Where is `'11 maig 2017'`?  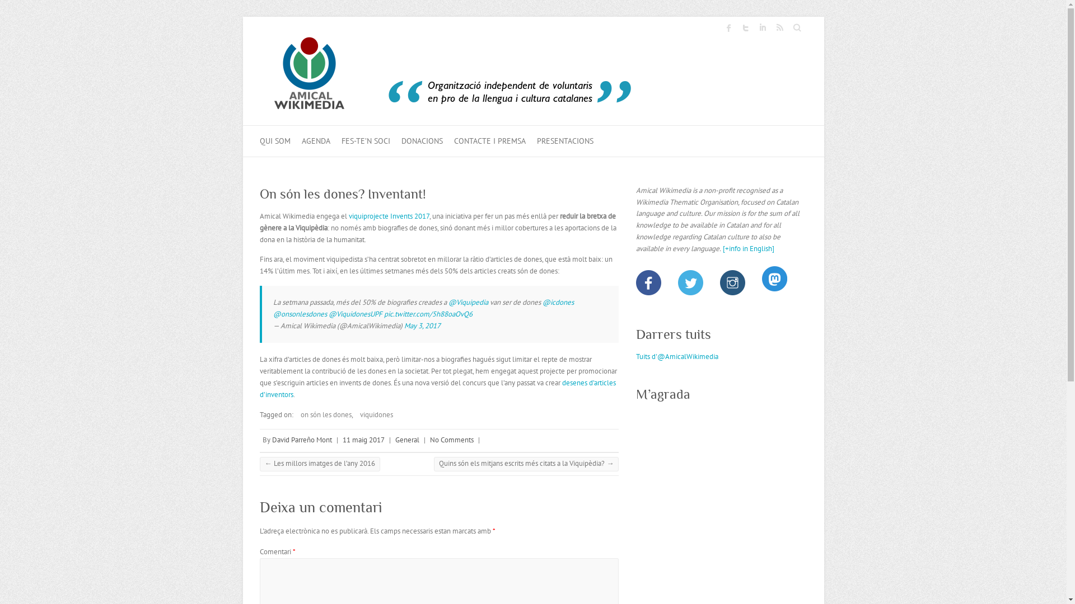 '11 maig 2017' is located at coordinates (363, 439).